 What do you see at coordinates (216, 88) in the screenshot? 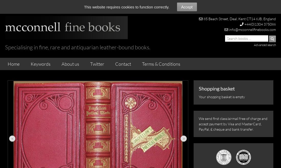
I see `'Shopping basket'` at bounding box center [216, 88].